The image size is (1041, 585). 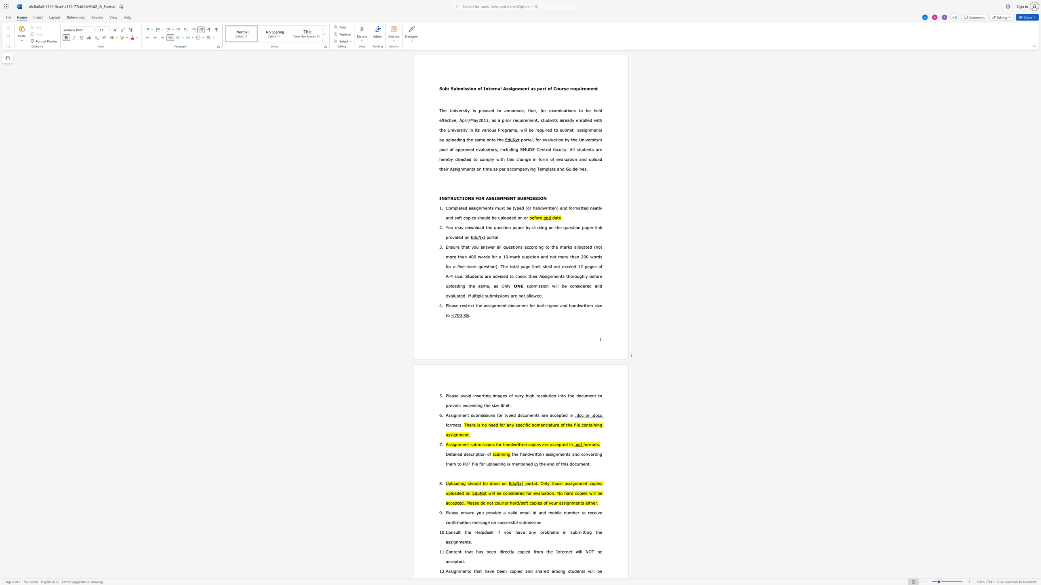 What do you see at coordinates (554, 286) in the screenshot?
I see `the space between the continuous character "w" and "i" in the text` at bounding box center [554, 286].